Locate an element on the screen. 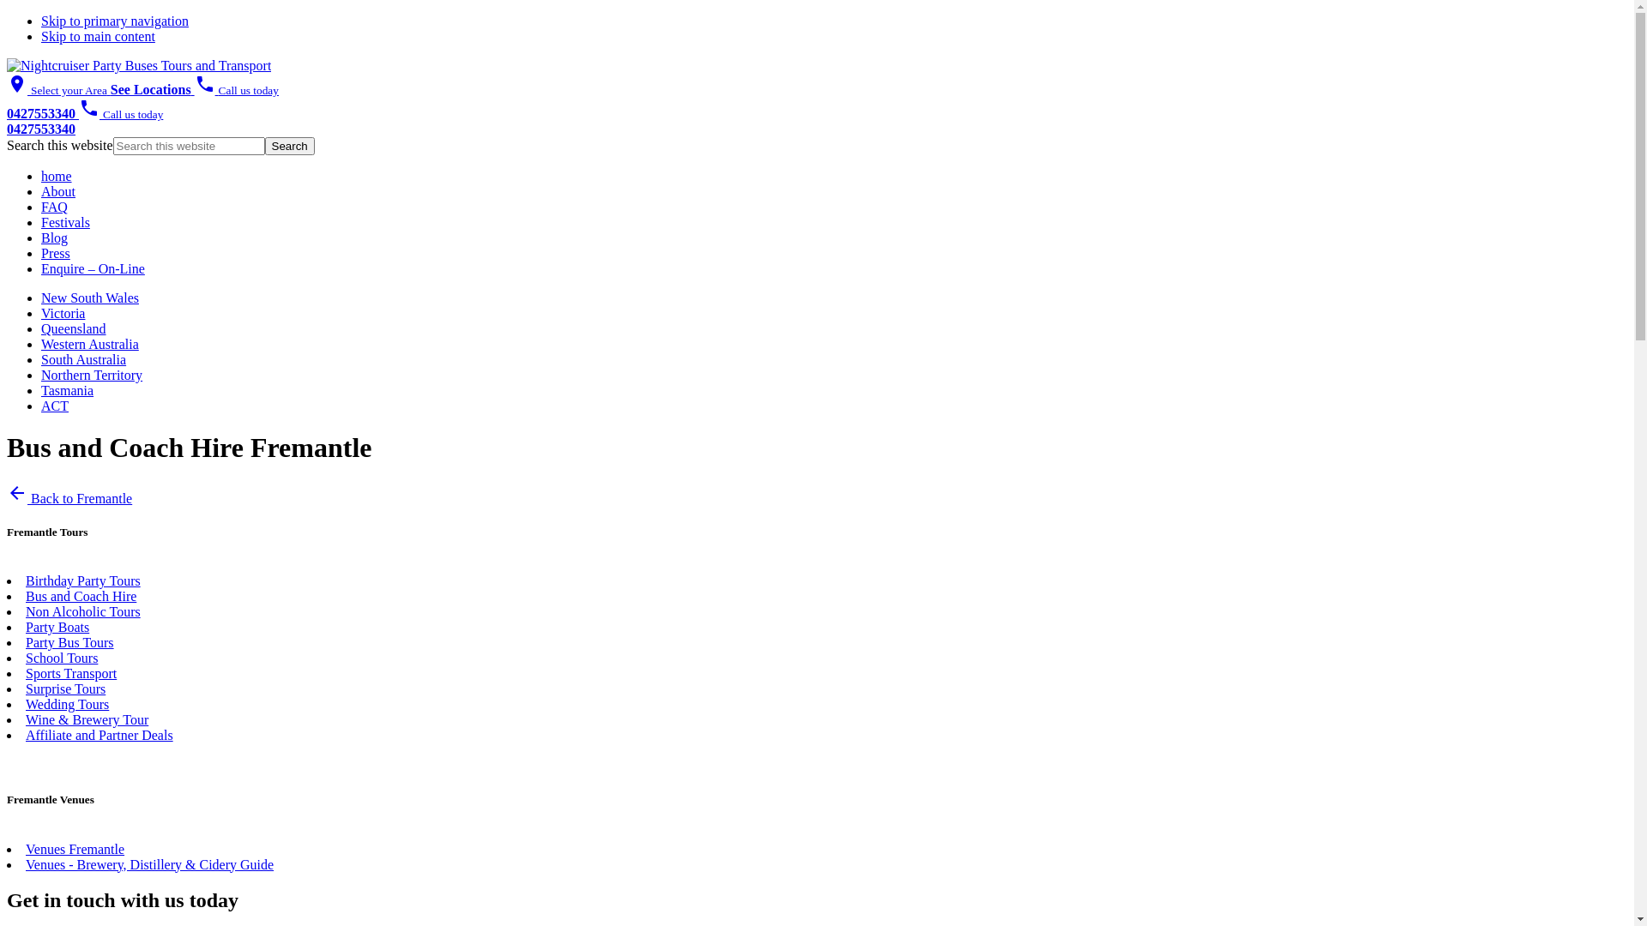 The height and width of the screenshot is (926, 1647). 'place Select your Area See Locations' is located at coordinates (100, 89).